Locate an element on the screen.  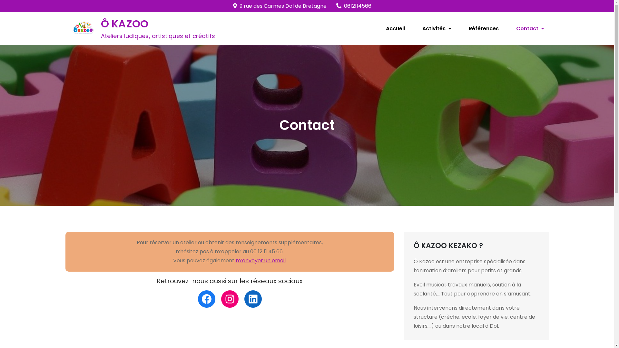
'Accueil' is located at coordinates (395, 28).